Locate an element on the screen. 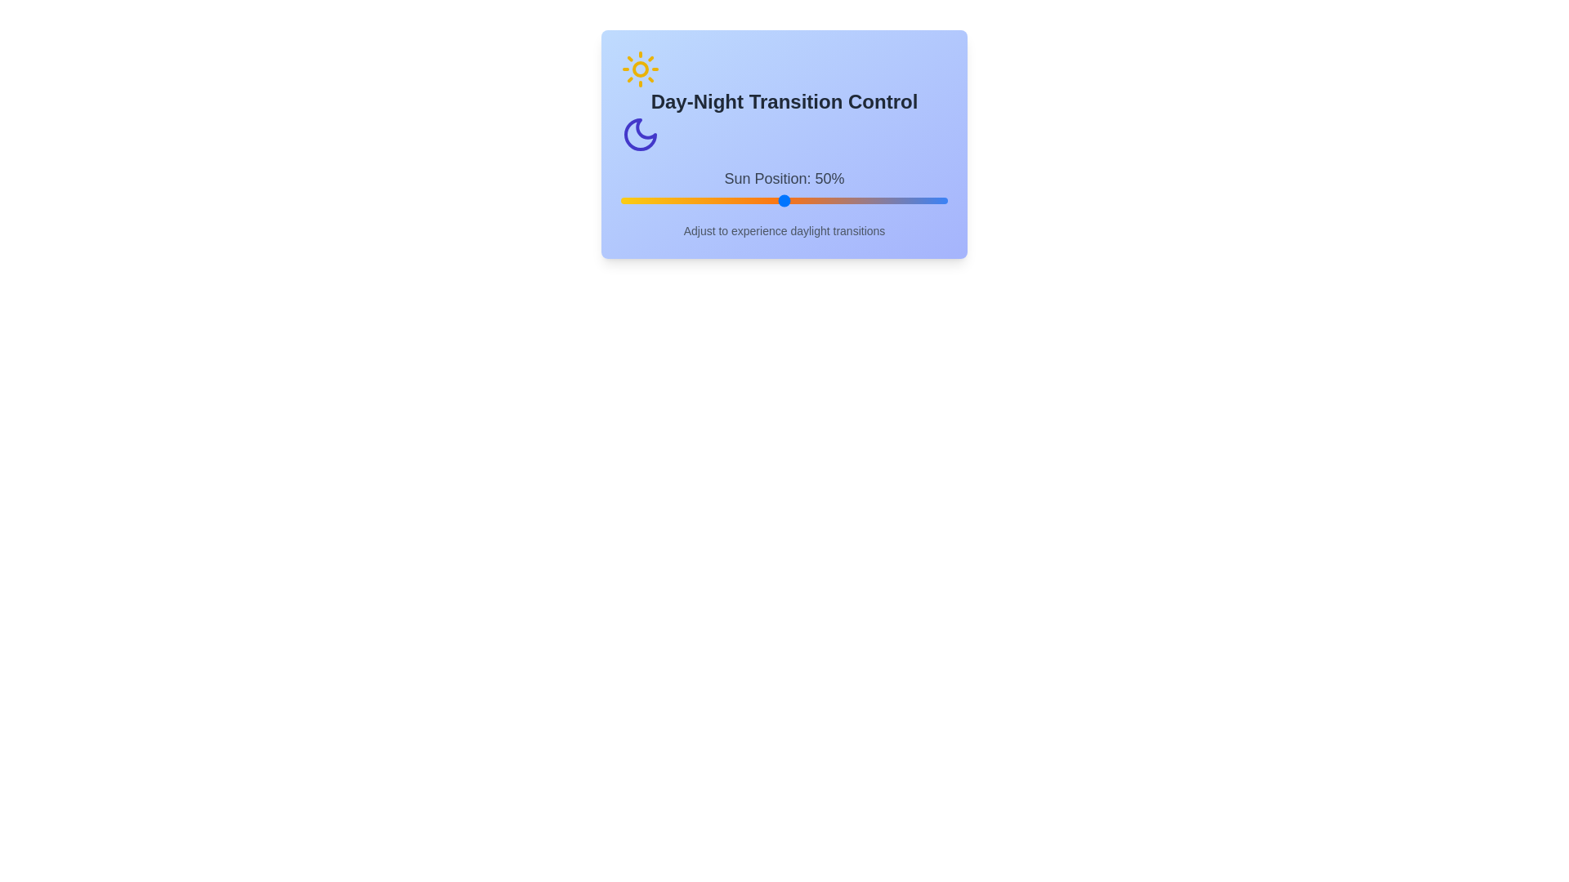  the sun position to 44% by clicking on the slider track is located at coordinates (764, 200).